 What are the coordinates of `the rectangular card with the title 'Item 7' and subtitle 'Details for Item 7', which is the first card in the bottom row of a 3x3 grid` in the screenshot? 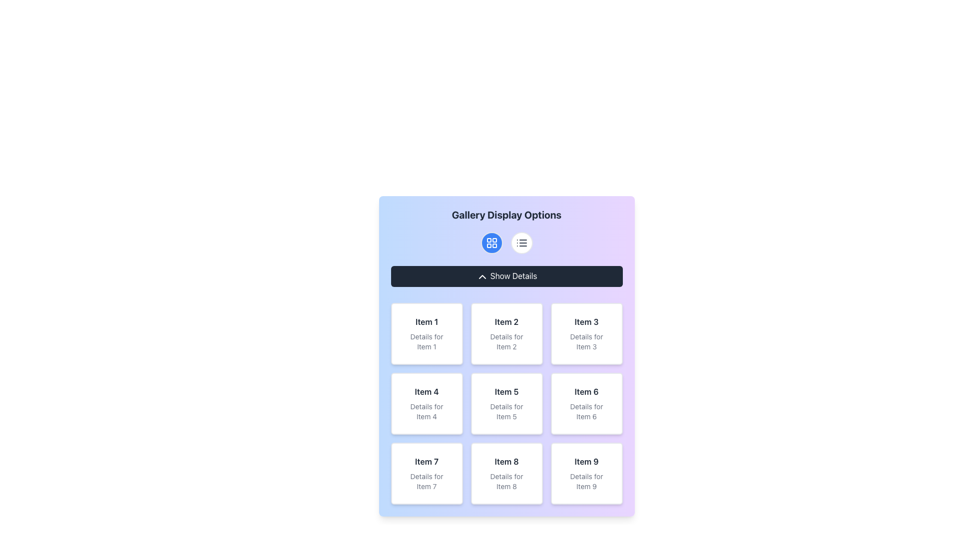 It's located at (427, 473).